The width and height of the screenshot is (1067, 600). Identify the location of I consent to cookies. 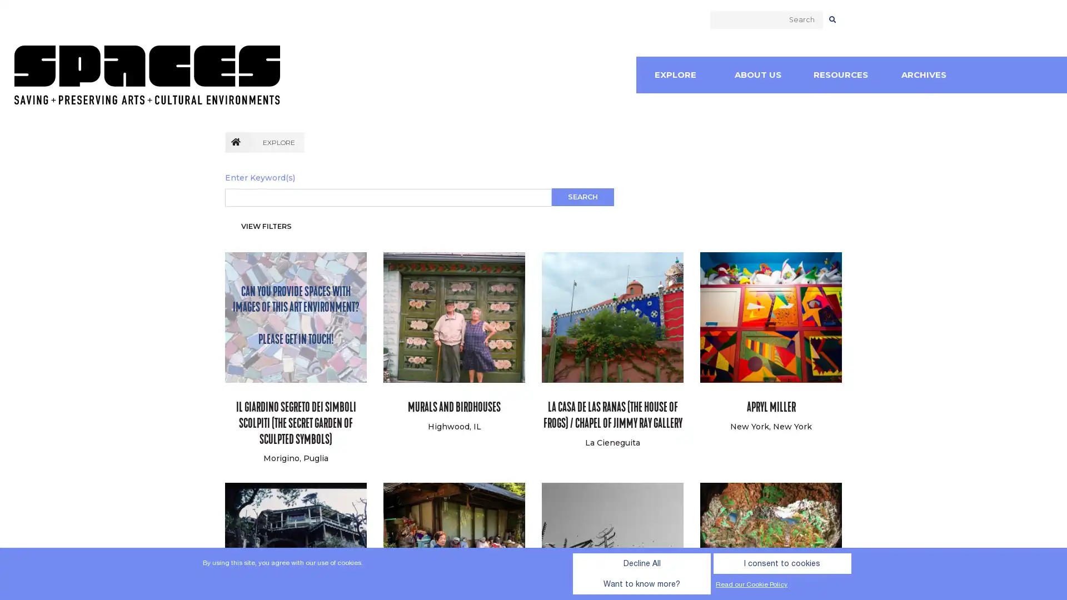
(637, 583).